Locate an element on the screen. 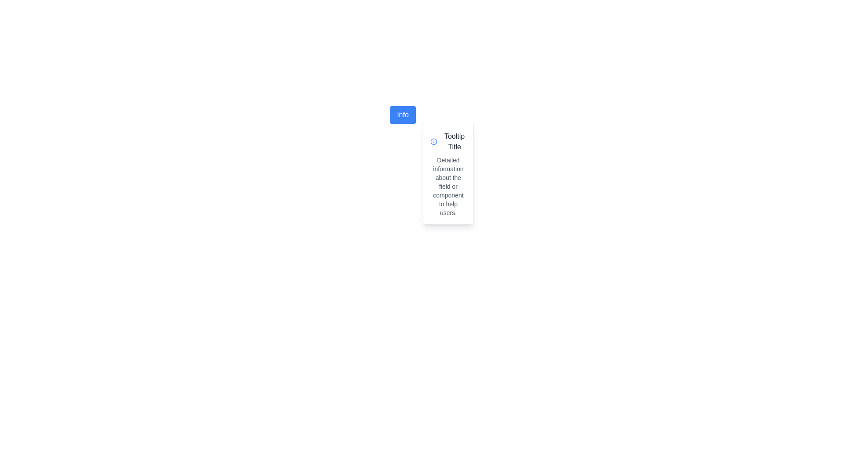 This screenshot has width=844, height=474. the icon that serves as a visual indicator for the tooltip, located directly to the left of 'Tooltip Title' is located at coordinates (433, 141).